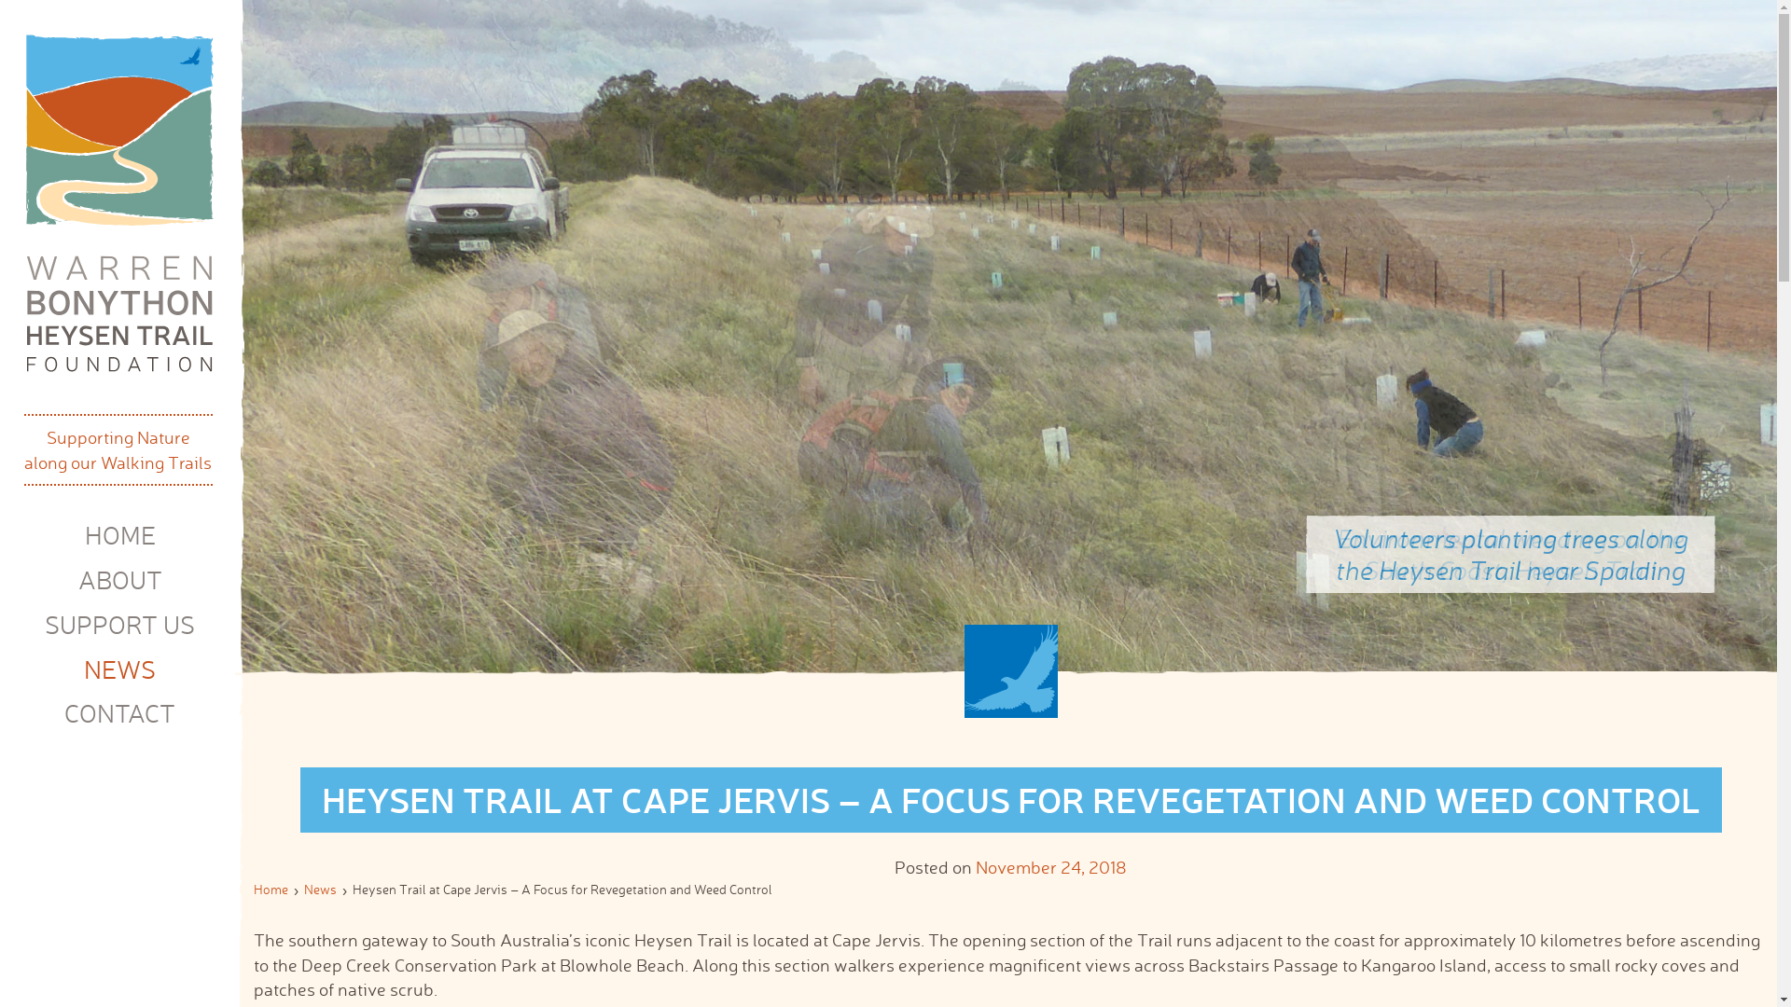 The width and height of the screenshot is (1791, 1007). Describe the element at coordinates (118, 535) in the screenshot. I see `'HOME'` at that location.